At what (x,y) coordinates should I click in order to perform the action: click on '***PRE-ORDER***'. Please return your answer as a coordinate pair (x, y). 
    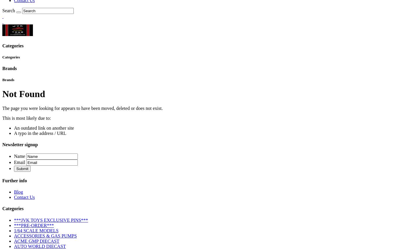
    Looking at the image, I should click on (14, 225).